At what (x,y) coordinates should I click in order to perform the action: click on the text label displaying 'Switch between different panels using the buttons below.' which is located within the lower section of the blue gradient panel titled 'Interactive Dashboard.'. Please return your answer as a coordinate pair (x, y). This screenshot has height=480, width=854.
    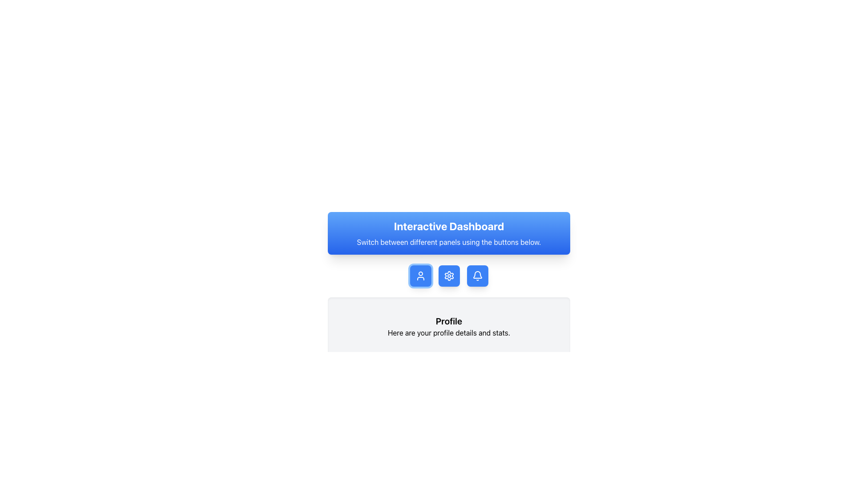
    Looking at the image, I should click on (449, 242).